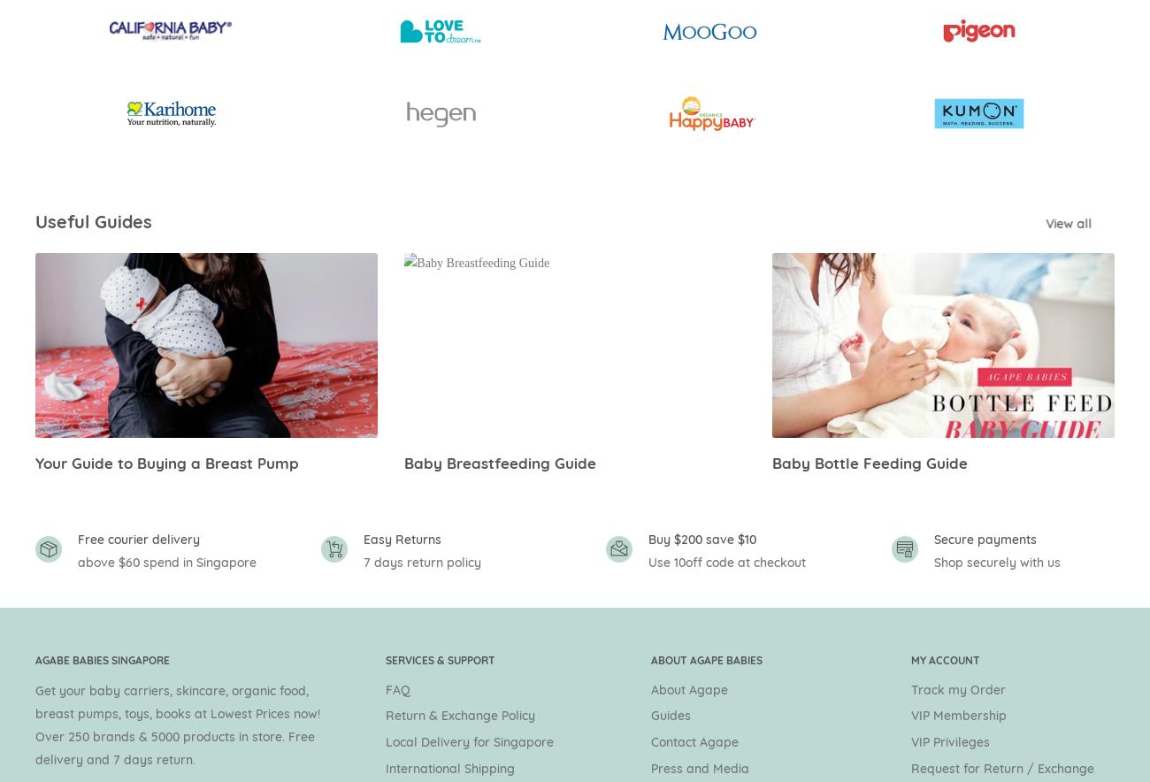 The height and width of the screenshot is (782, 1150). What do you see at coordinates (726, 560) in the screenshot?
I see `'Use 10off code at checkout'` at bounding box center [726, 560].